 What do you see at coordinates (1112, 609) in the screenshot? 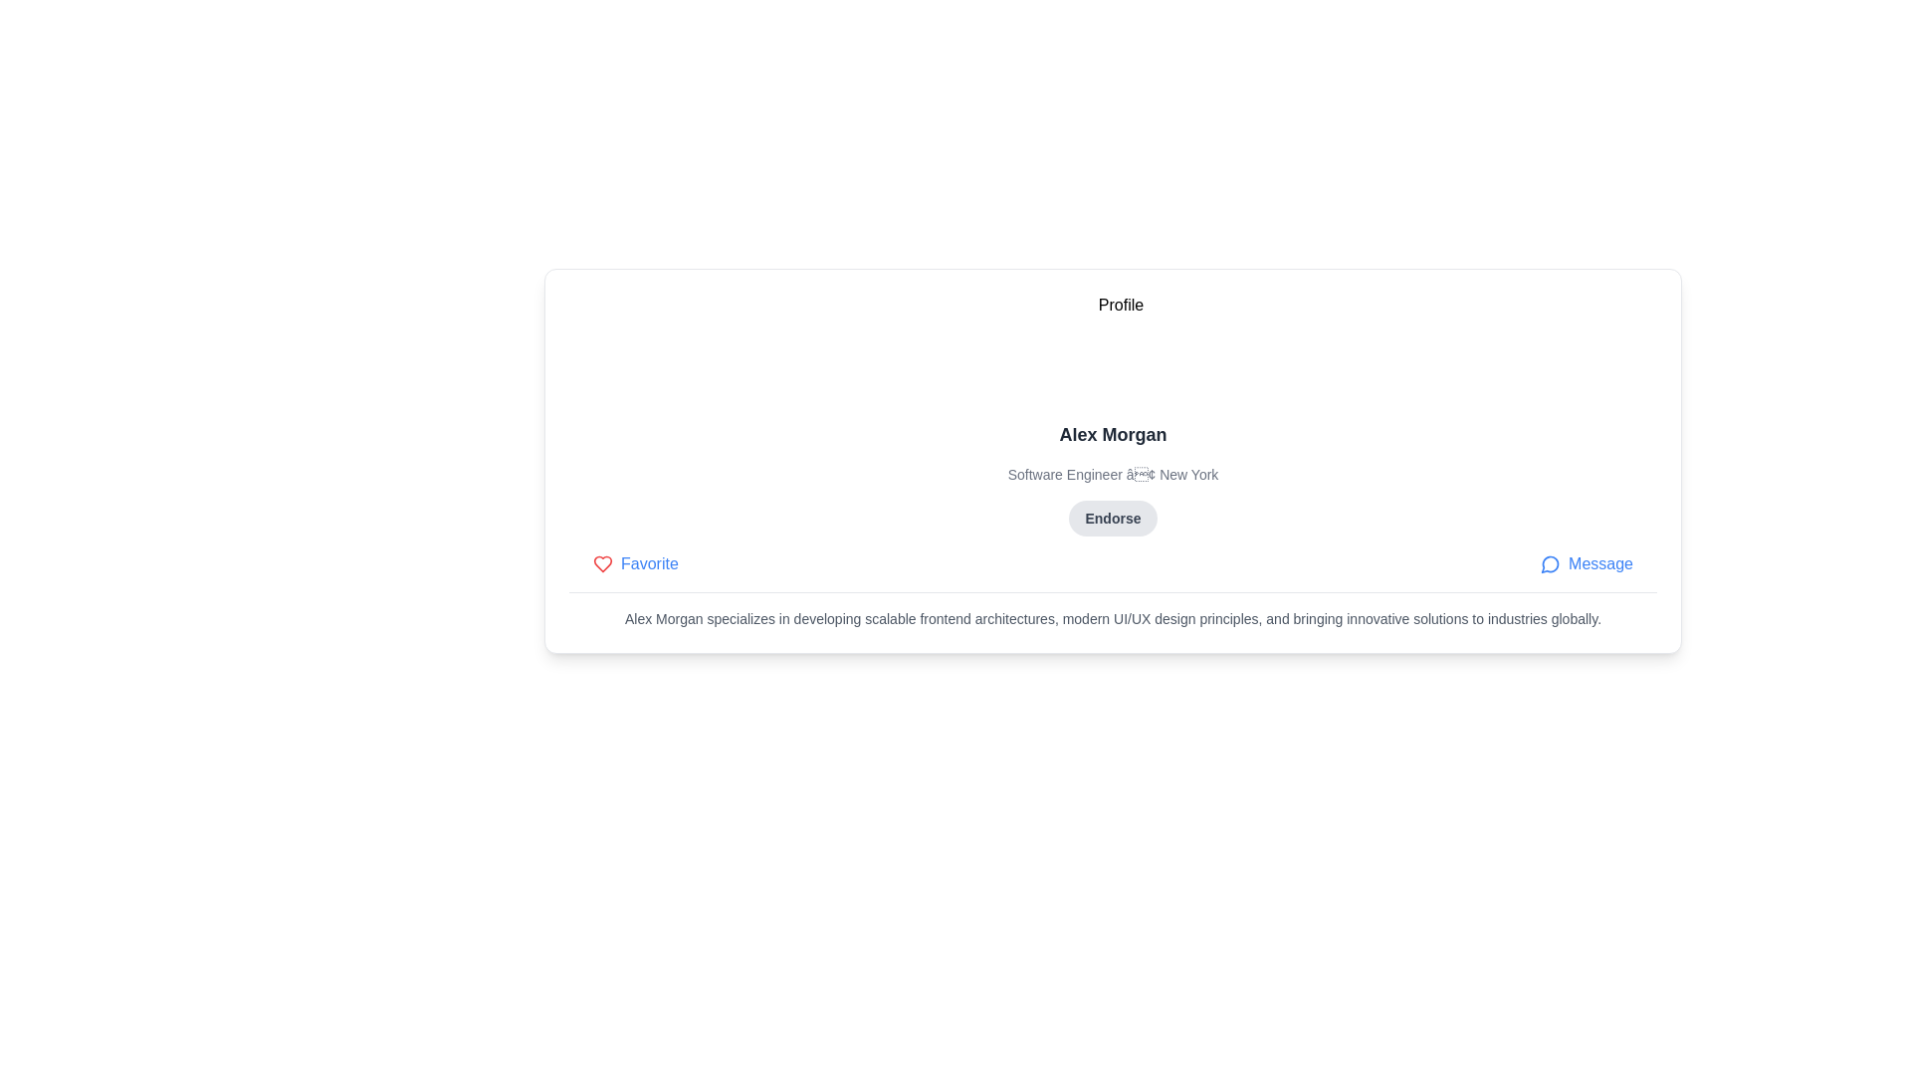
I see `the text block element that contains the description about Alex Morgan, which includes details about her specialization in frontend architectures and UI/UX design principles` at bounding box center [1112, 609].